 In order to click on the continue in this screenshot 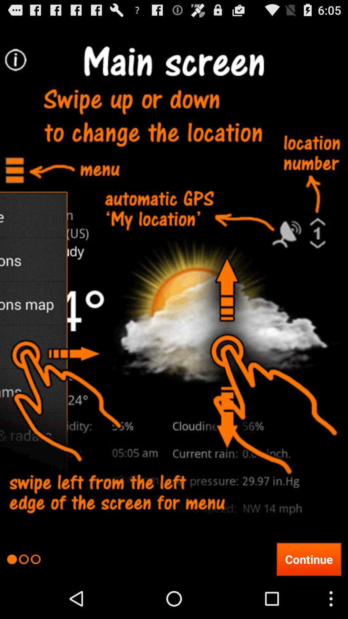, I will do `click(308, 559)`.